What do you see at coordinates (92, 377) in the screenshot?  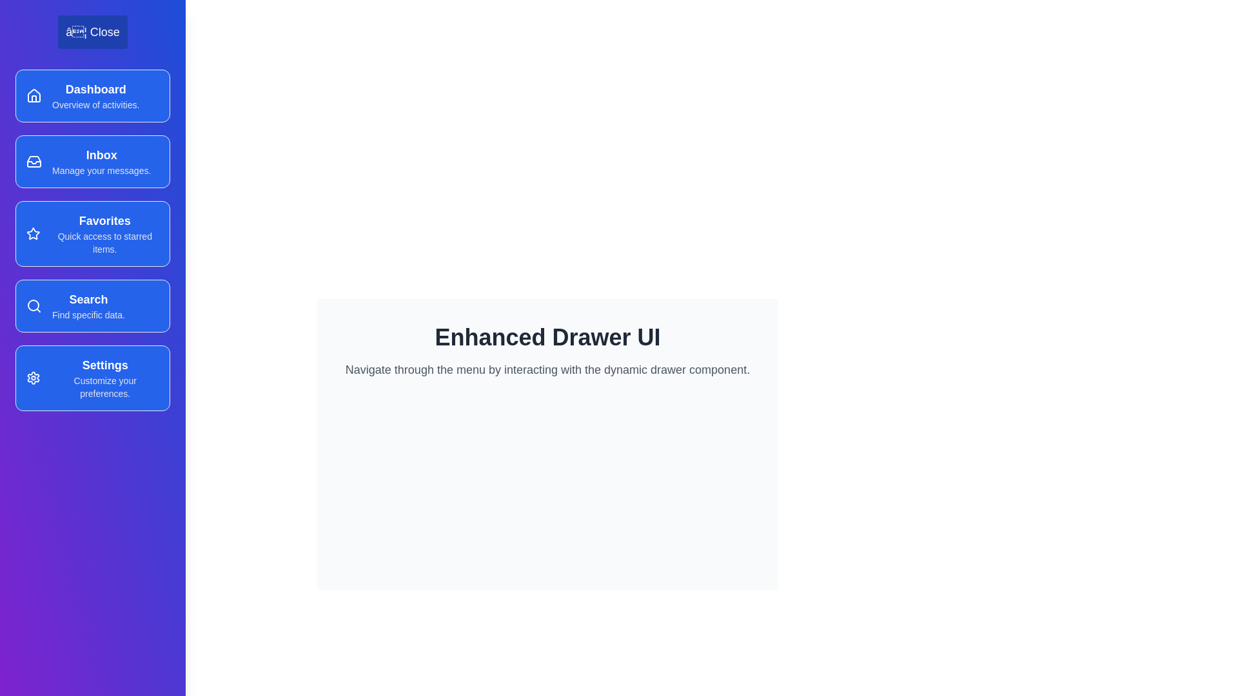 I see `the menu item corresponding to Settings` at bounding box center [92, 377].